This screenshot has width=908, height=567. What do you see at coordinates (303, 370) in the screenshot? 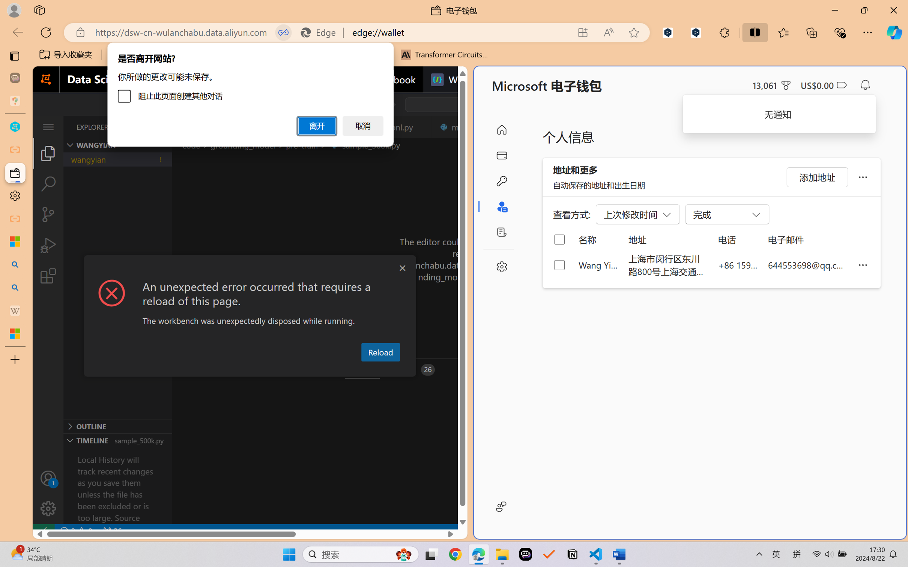
I see `'Debug Console (Ctrl+Shift+Y)'` at bounding box center [303, 370].